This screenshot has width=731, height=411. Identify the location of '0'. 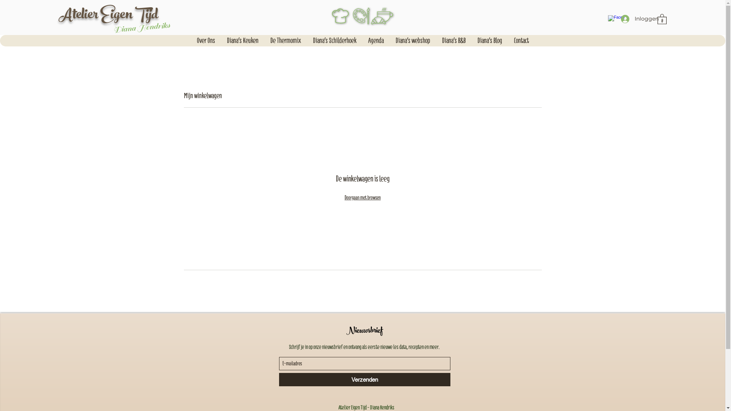
(661, 18).